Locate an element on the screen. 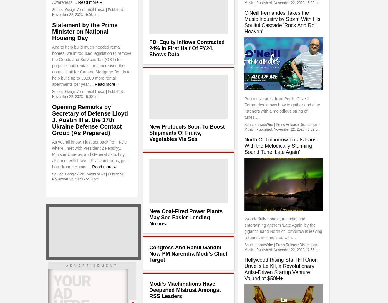 The width and height of the screenshot is (388, 303). 'November 22, 2023 - 5:33 pm' is located at coordinates (297, 3).